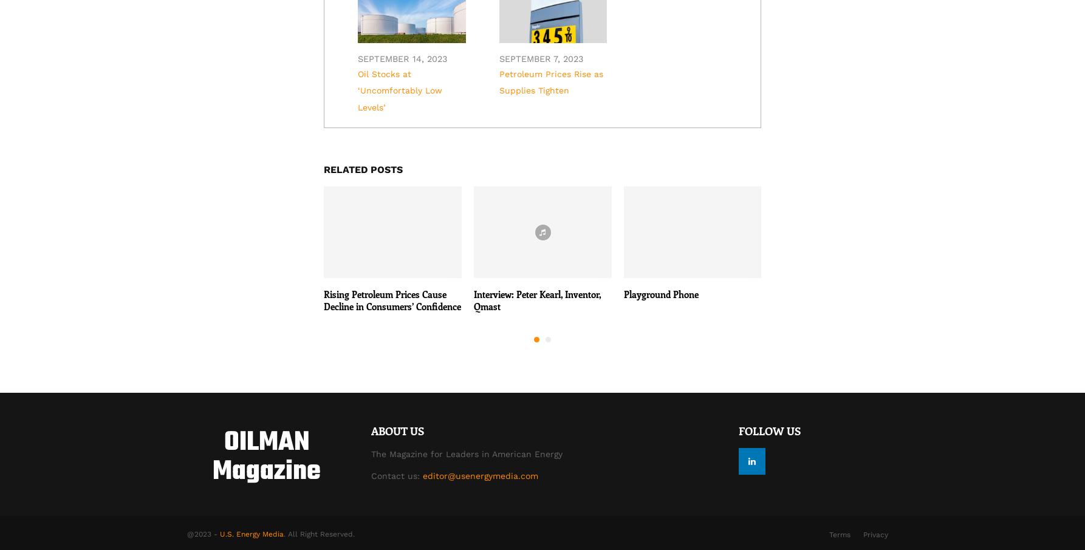 The width and height of the screenshot is (1085, 550). I want to click on 'Terms', so click(839, 534).